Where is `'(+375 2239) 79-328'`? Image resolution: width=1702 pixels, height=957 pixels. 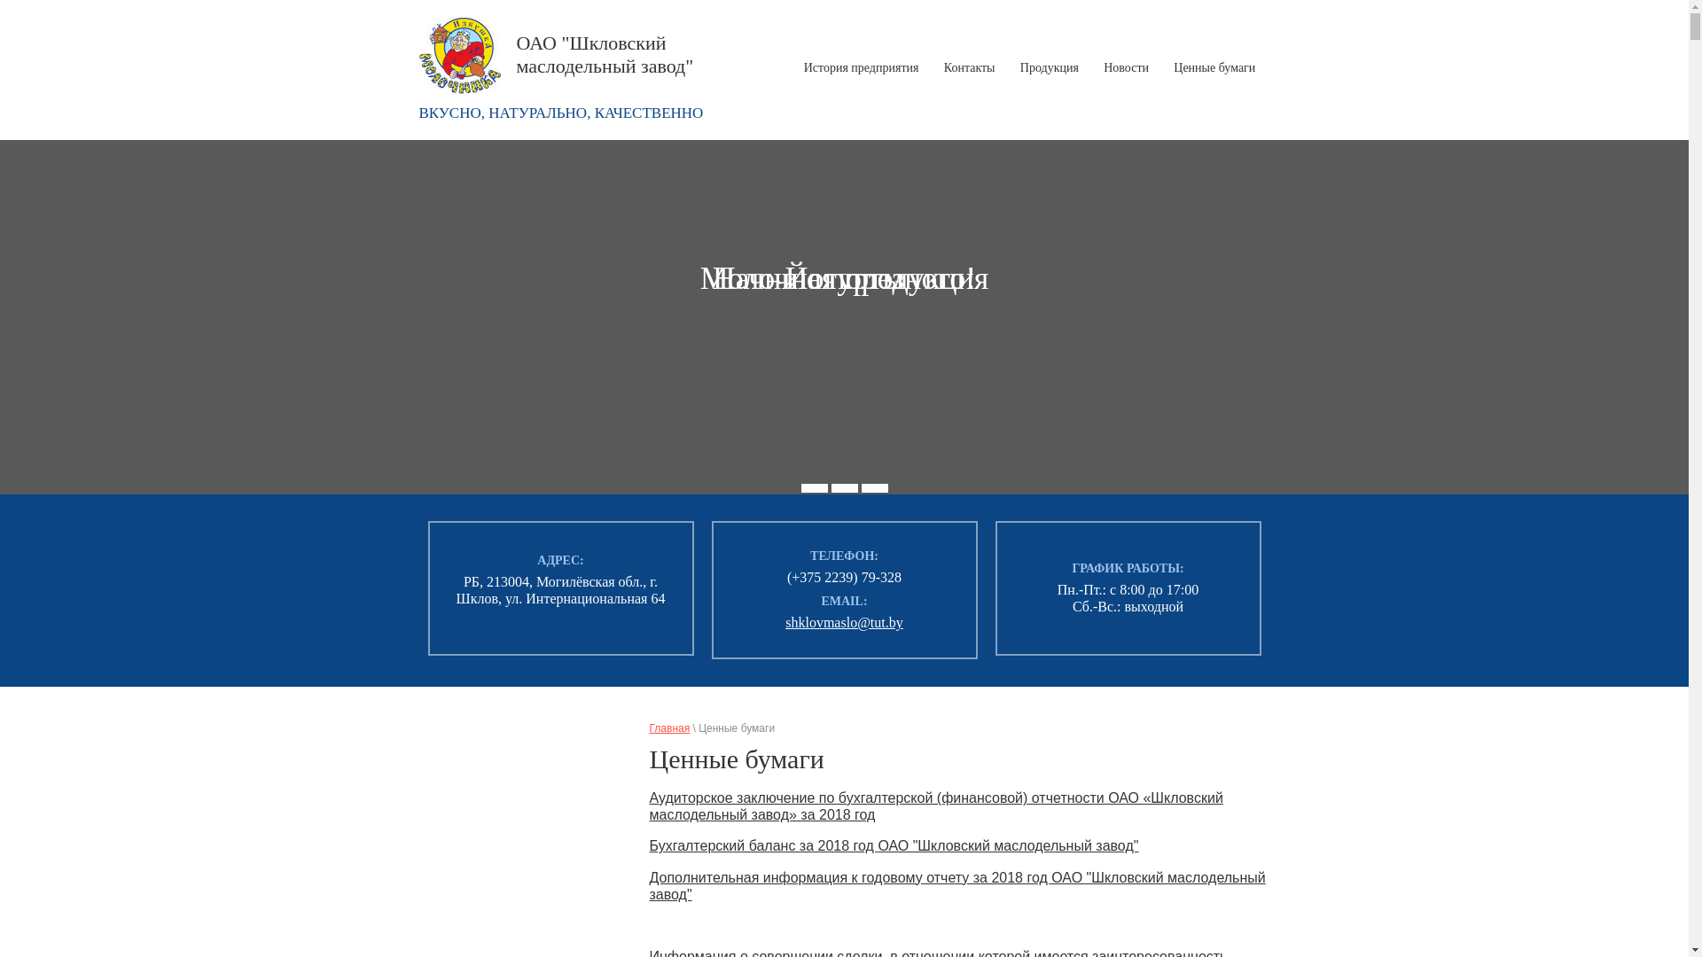
'(+375 2239) 79-328' is located at coordinates (786, 577).